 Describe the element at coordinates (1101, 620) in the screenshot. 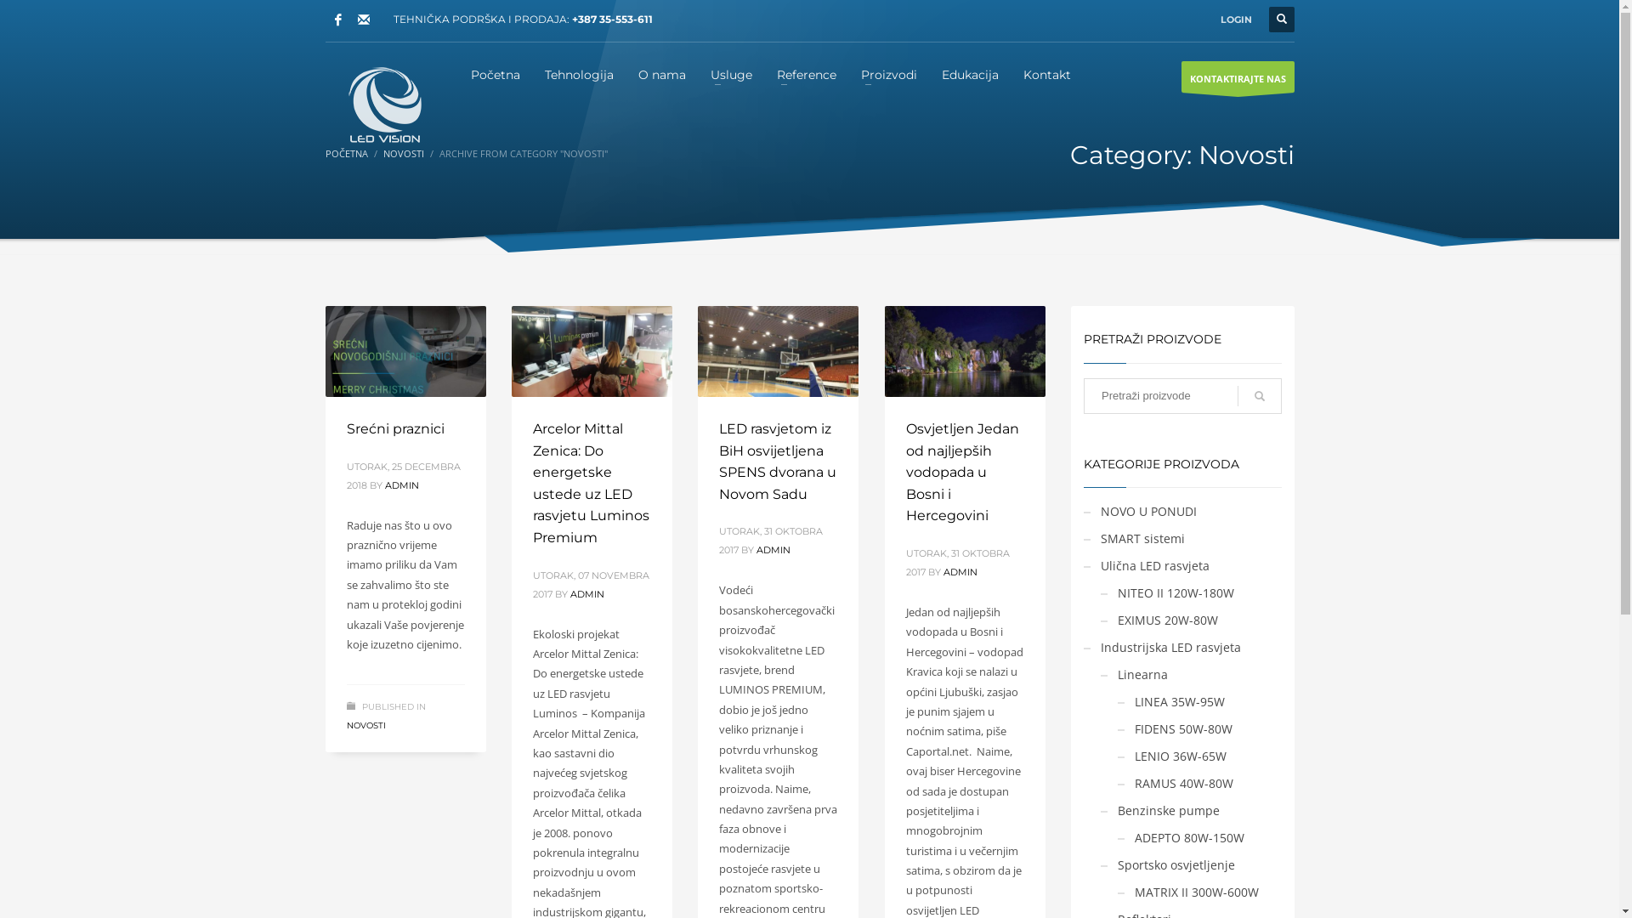

I see `'EXIMUS 20W-80W'` at that location.